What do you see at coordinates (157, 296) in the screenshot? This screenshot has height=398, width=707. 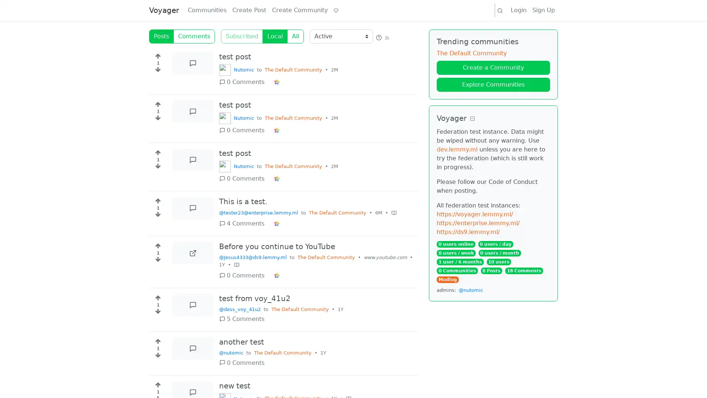 I see `Upvote` at bounding box center [157, 296].